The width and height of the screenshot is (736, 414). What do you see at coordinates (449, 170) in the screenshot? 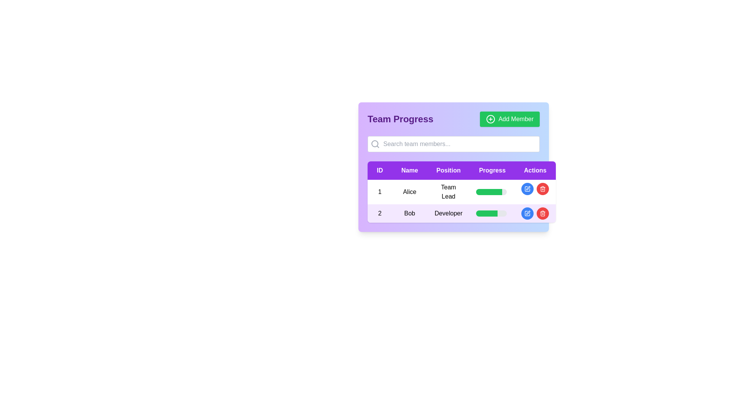
I see `the label with a bold violet background and white text displaying 'Position', which is the third header in the table row labeled 'IDNamePositionProgressActions'` at bounding box center [449, 170].